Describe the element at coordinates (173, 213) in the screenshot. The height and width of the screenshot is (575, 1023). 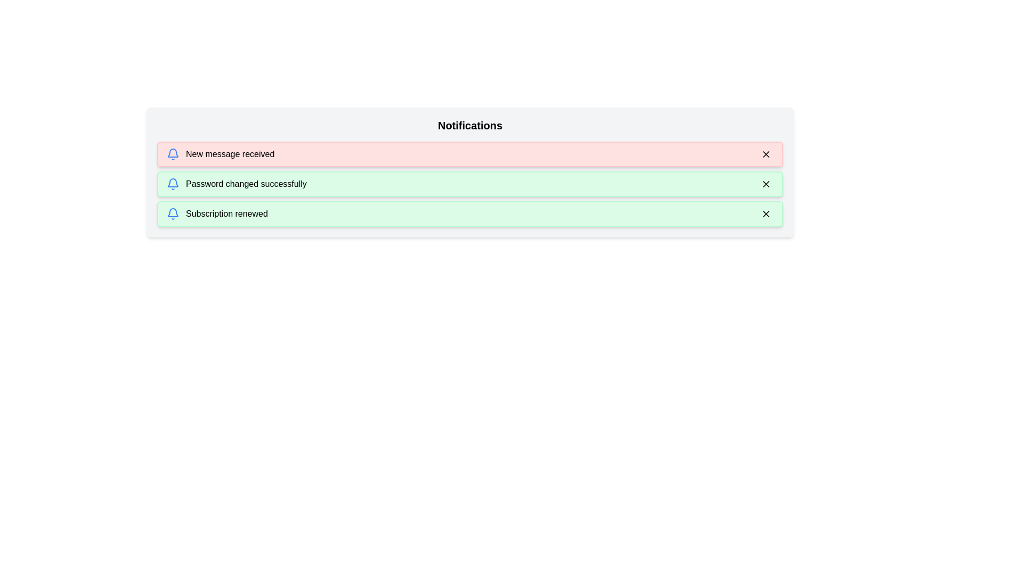
I see `the bell icon in the third row of notifications` at that location.